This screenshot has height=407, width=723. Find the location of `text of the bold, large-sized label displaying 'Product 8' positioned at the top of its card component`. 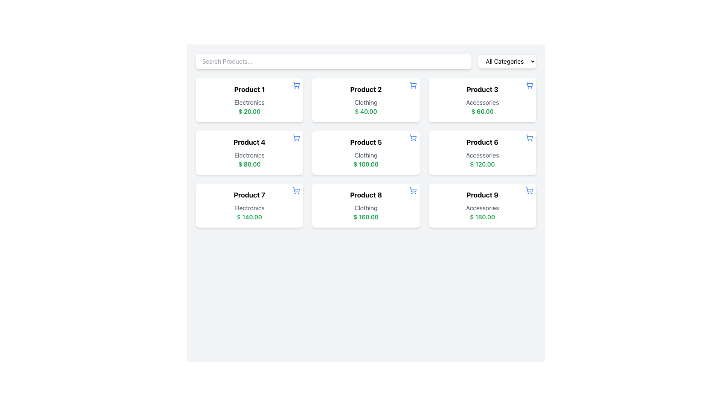

text of the bold, large-sized label displaying 'Product 8' positioned at the top of its card component is located at coordinates (366, 194).